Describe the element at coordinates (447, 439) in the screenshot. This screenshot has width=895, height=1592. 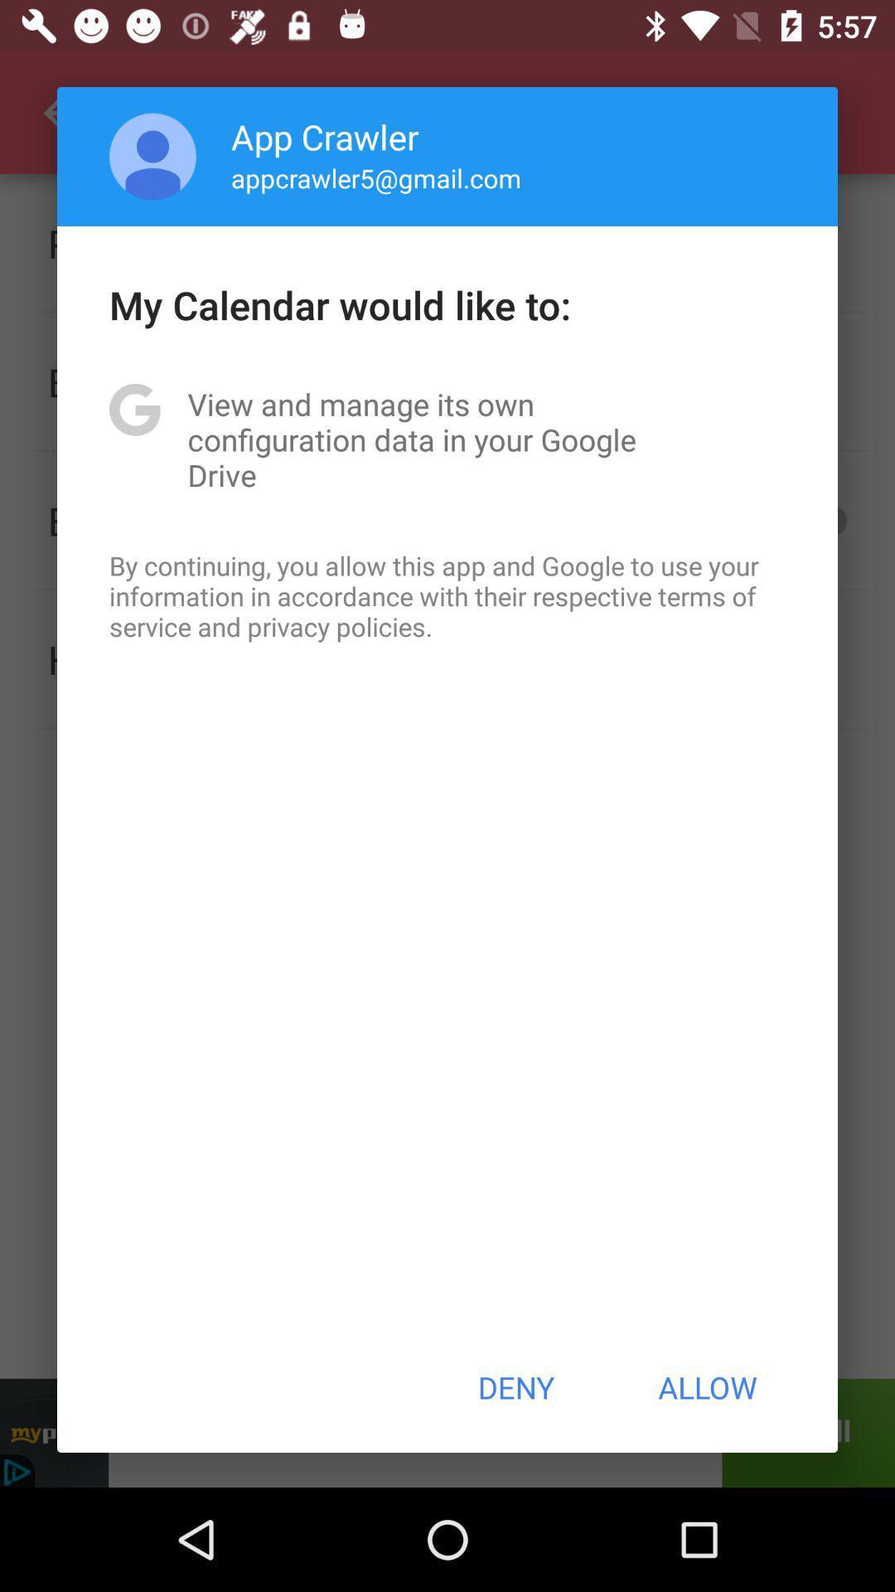
I see `app above by continuing you item` at that location.